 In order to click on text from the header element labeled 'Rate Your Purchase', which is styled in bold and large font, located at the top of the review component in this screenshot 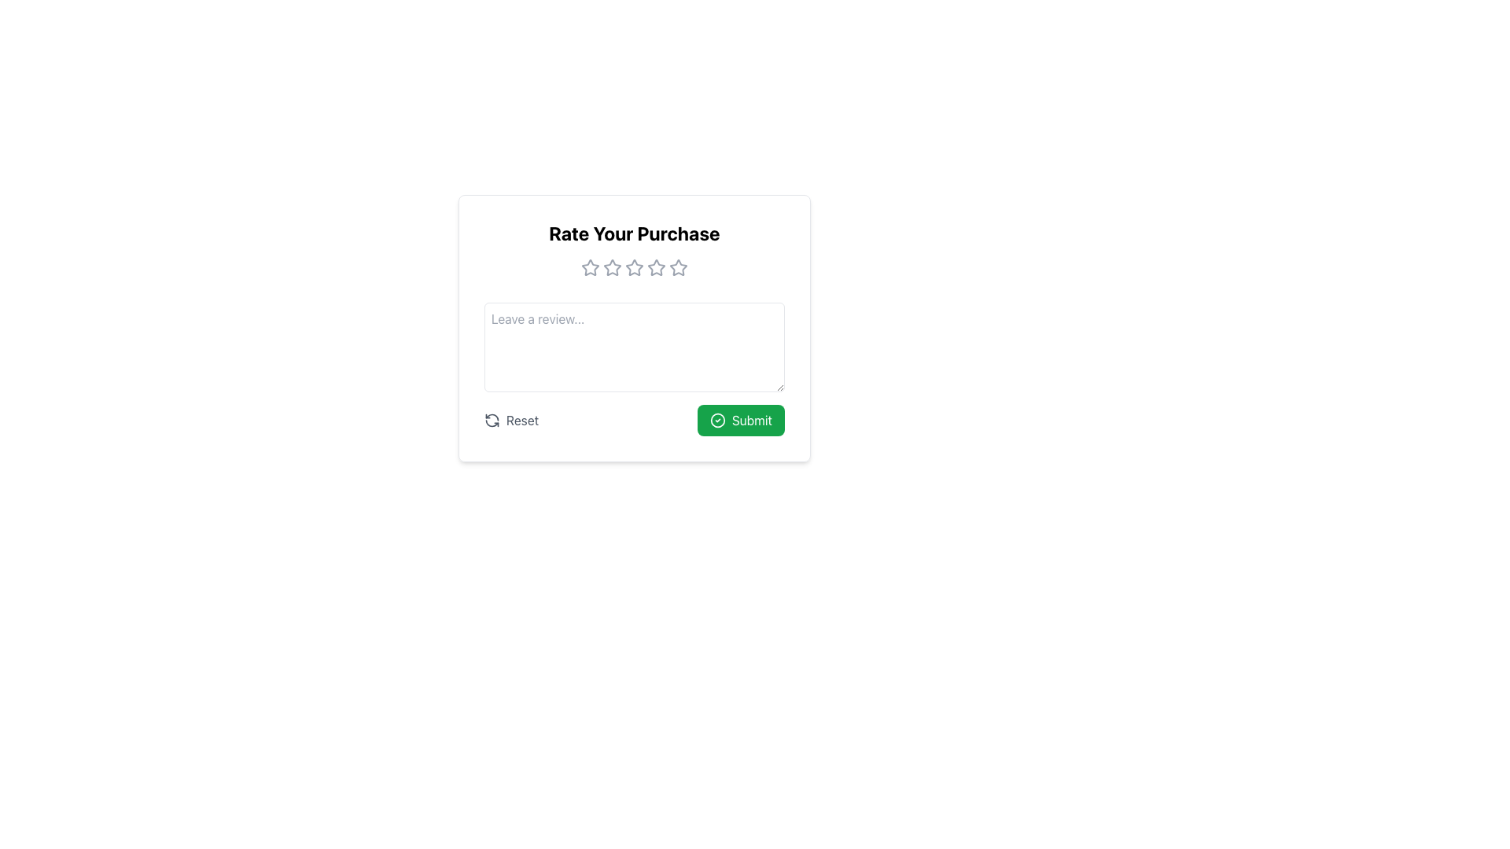, I will do `click(634, 233)`.